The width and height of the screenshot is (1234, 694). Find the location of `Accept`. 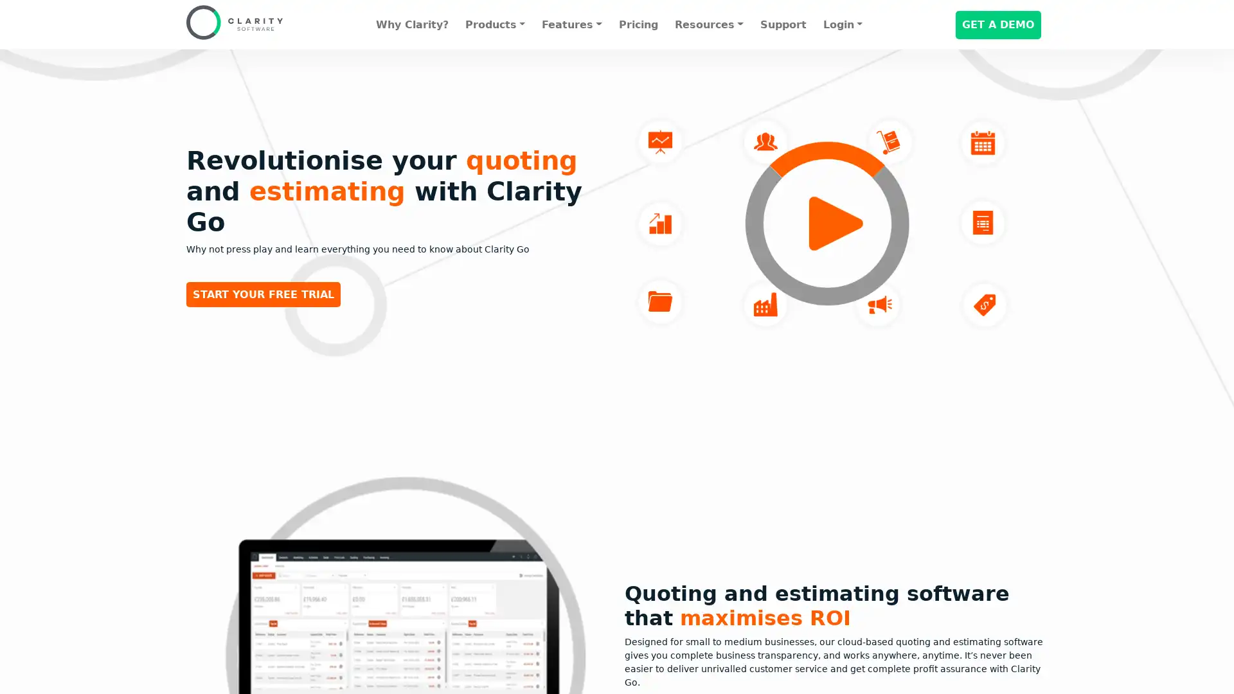

Accept is located at coordinates (792, 91).